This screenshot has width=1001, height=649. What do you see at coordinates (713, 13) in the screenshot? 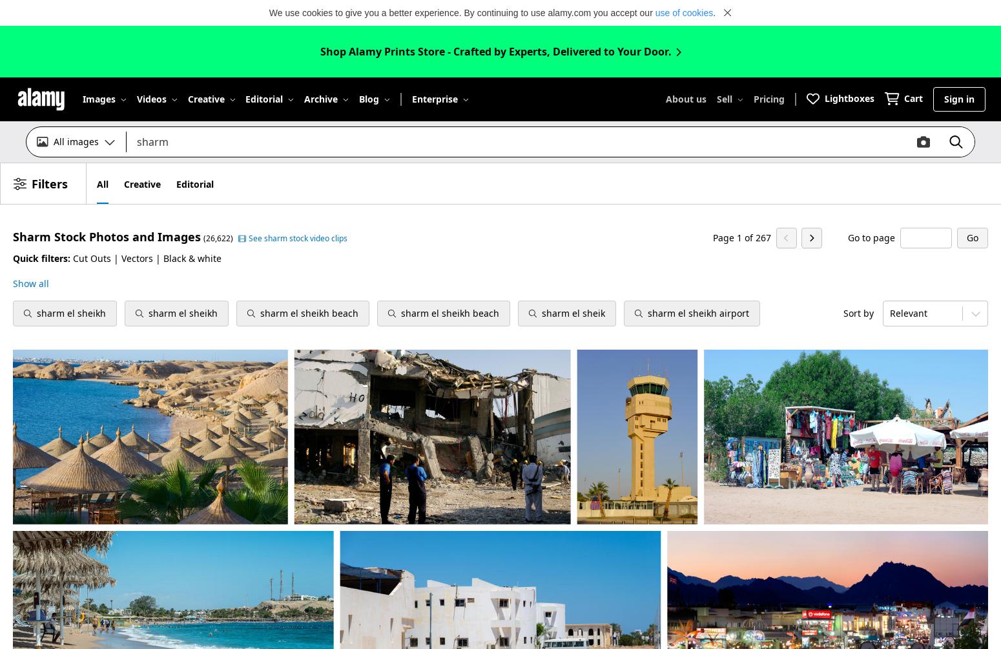
I see `'.'` at bounding box center [713, 13].